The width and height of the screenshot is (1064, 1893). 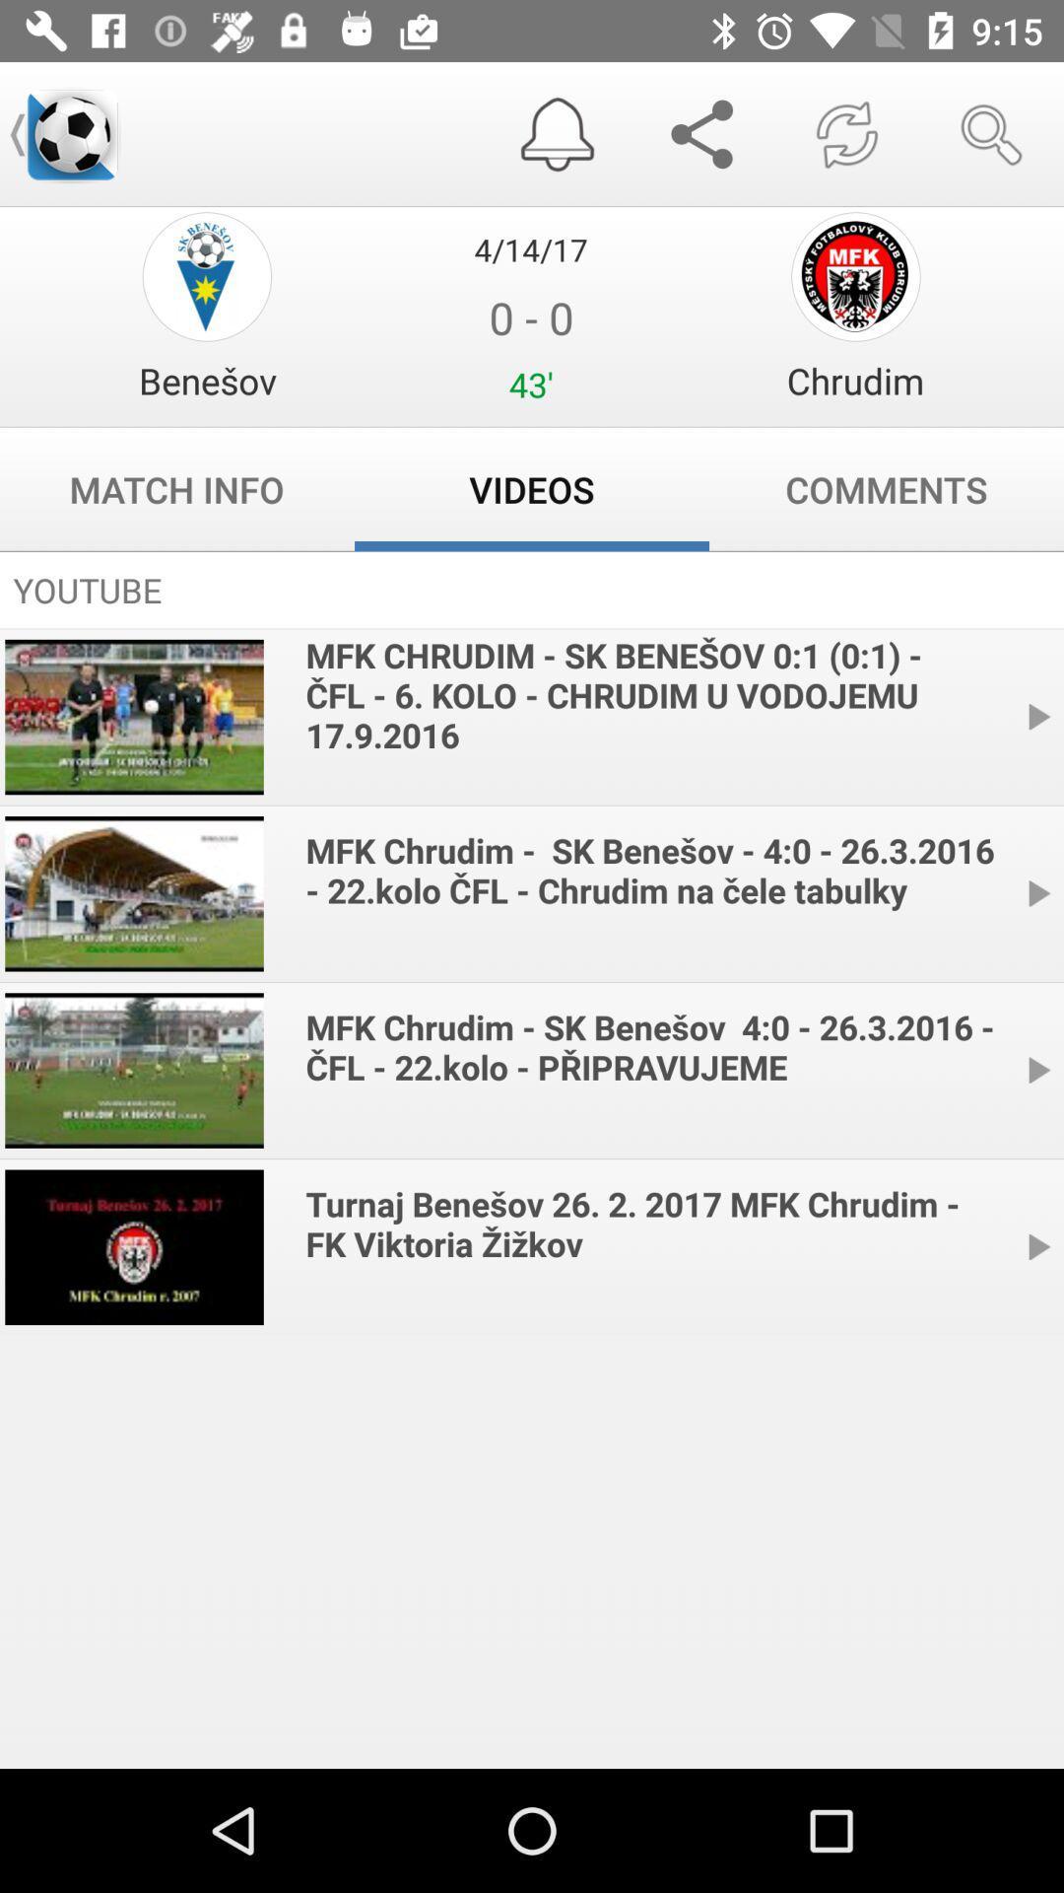 What do you see at coordinates (207, 381) in the screenshot?
I see `icon to the left of 0 - 0` at bounding box center [207, 381].